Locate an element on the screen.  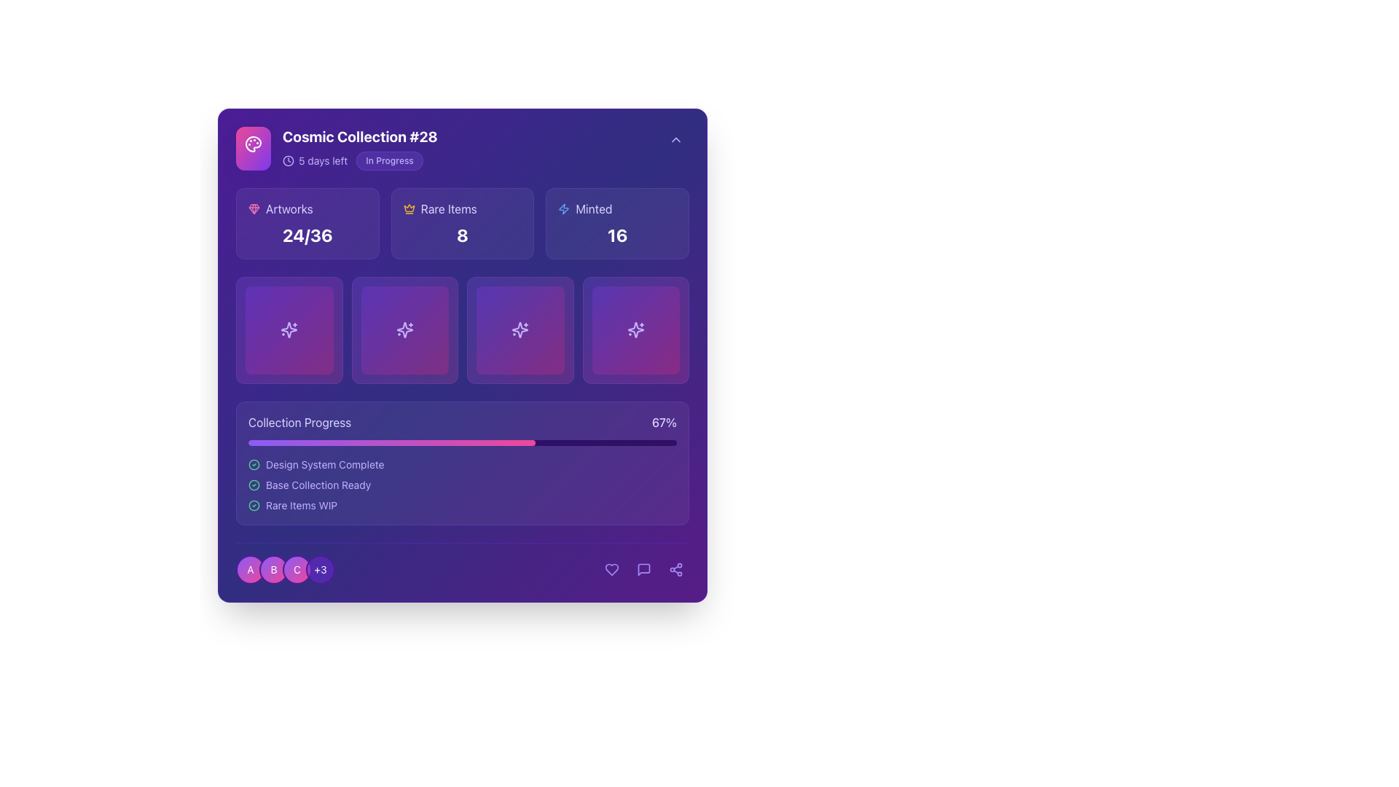
the violet-colored sparkle SVG icon in the fourth slot of the horizontal list is located at coordinates (635, 330).